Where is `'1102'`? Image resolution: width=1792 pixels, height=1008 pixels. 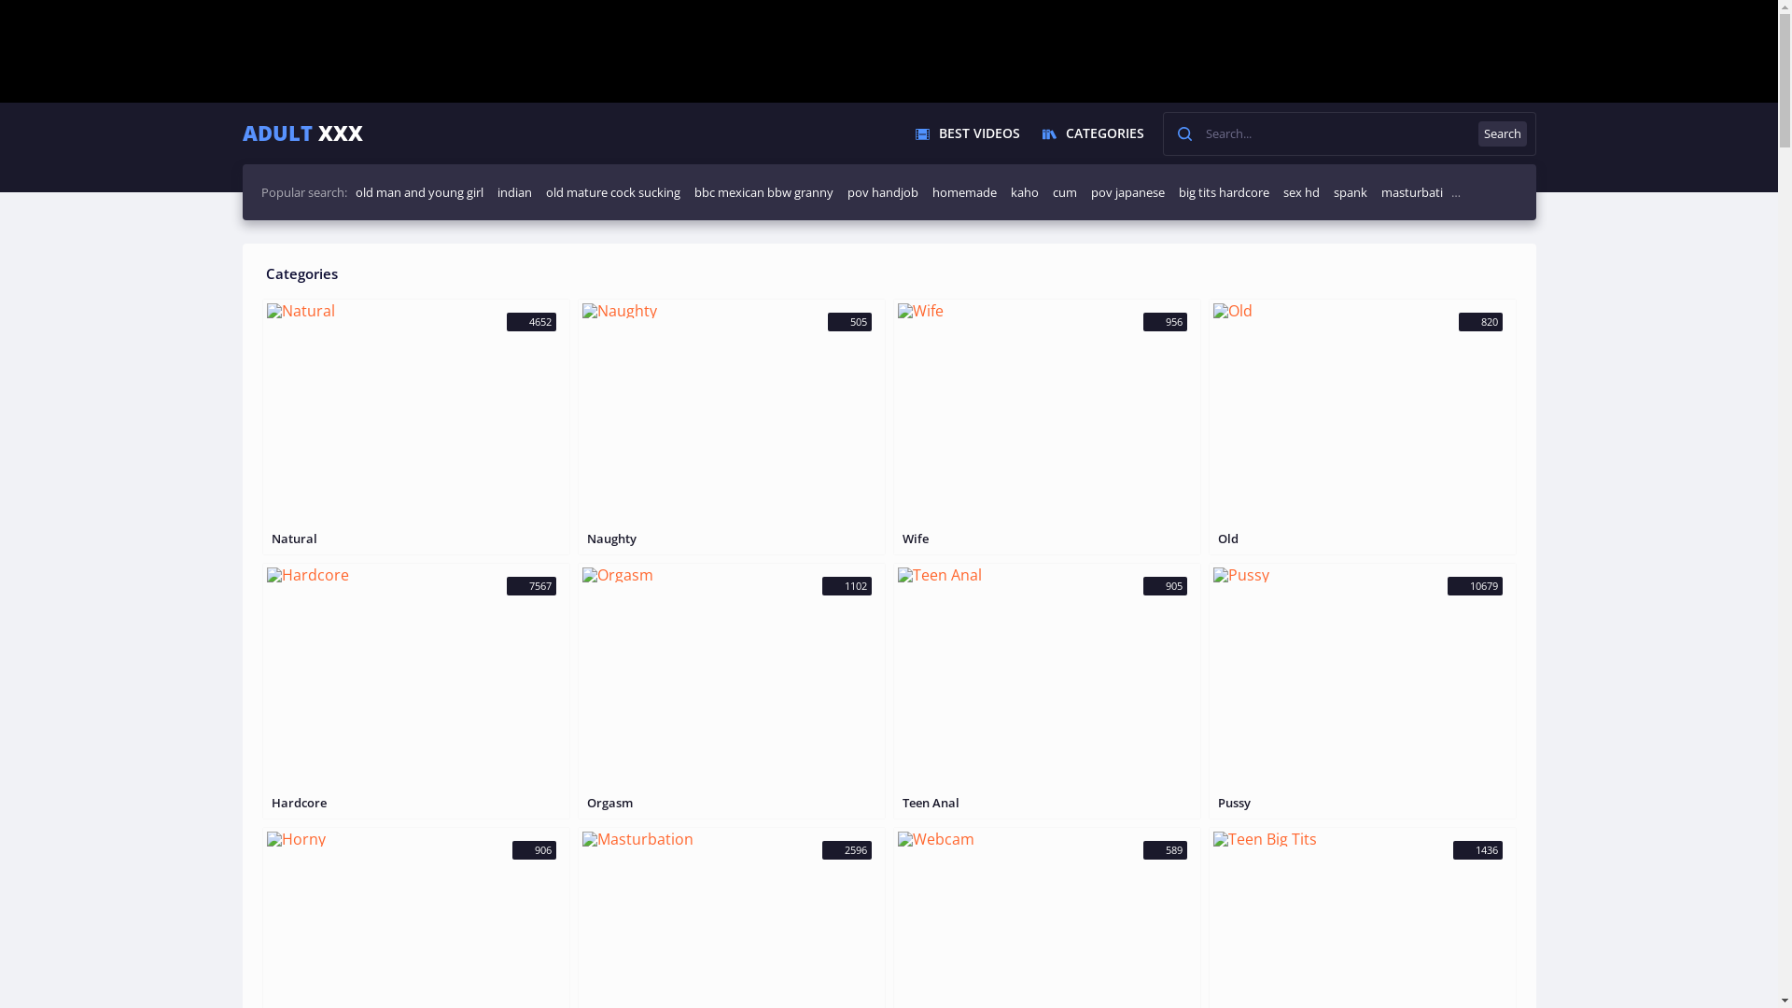 '1102' is located at coordinates (730, 679).